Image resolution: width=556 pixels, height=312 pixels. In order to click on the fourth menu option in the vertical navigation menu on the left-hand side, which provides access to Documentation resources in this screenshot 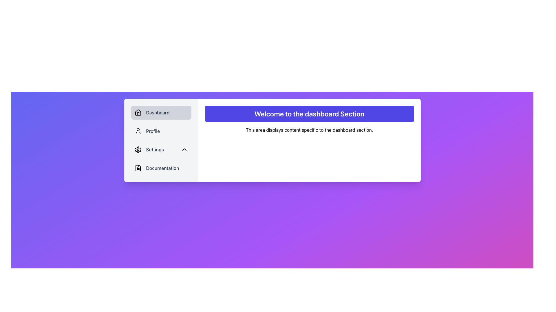, I will do `click(161, 168)`.